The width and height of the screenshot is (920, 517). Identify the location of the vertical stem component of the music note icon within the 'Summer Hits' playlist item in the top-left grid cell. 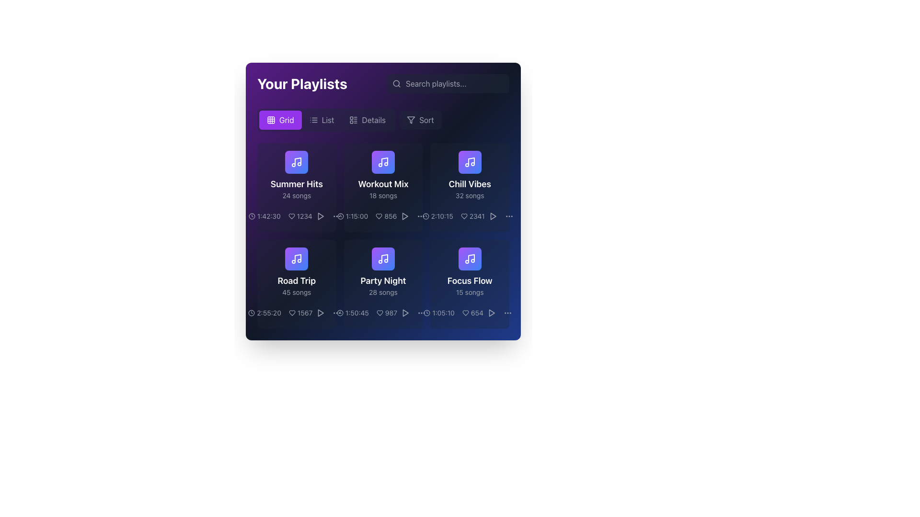
(298, 161).